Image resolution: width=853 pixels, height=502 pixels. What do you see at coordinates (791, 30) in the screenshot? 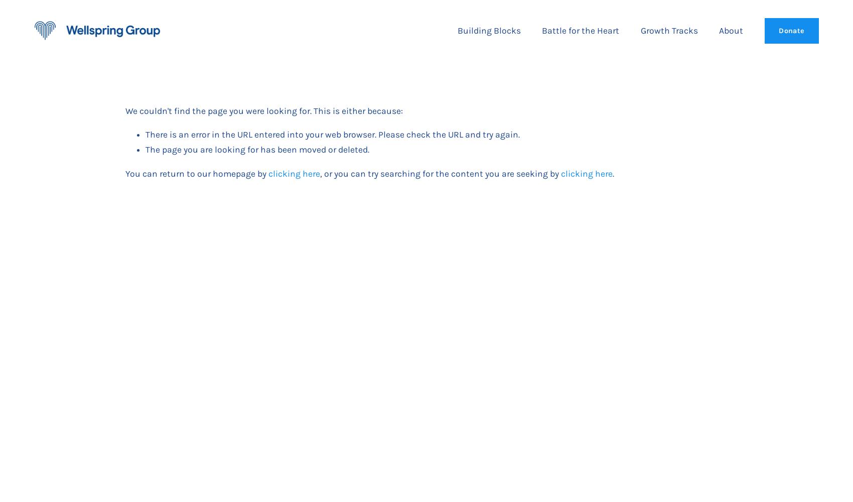
I see `'Donate'` at bounding box center [791, 30].